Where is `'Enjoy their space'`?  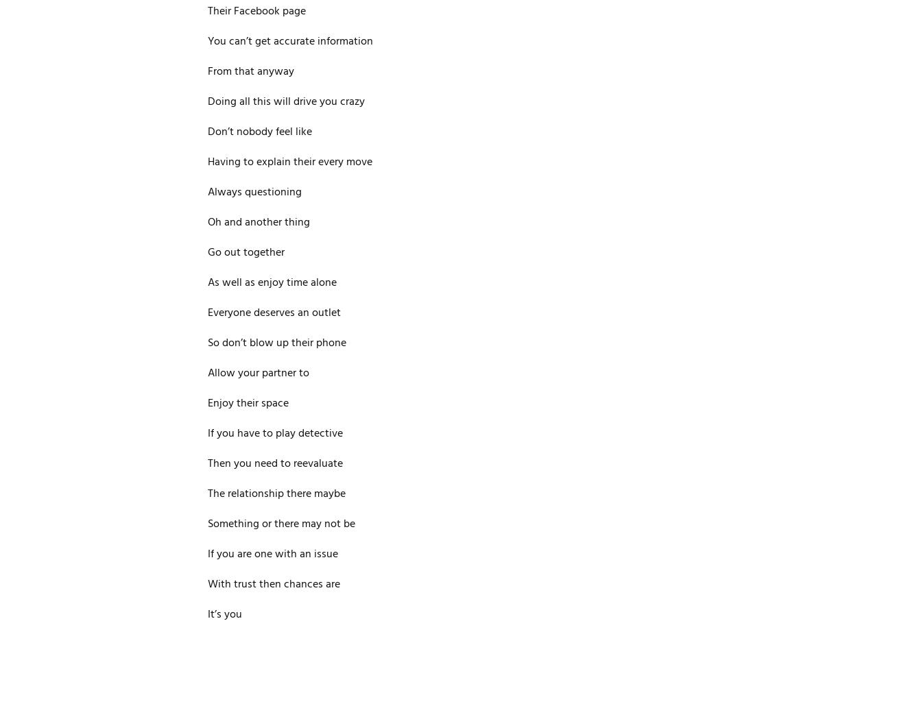 'Enjoy their space' is located at coordinates (247, 404).